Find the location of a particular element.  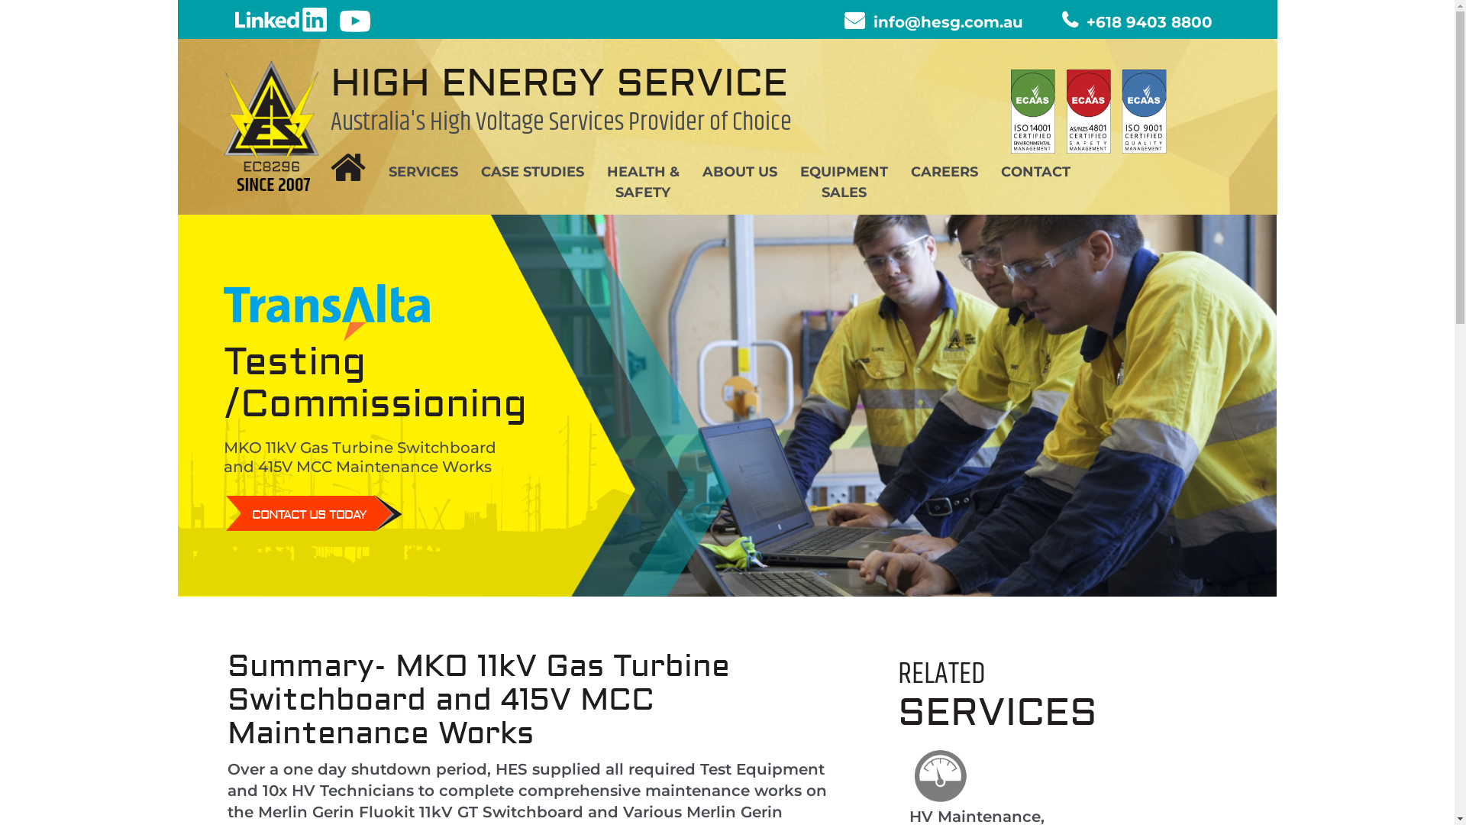

'CONTACT' is located at coordinates (1000, 172).